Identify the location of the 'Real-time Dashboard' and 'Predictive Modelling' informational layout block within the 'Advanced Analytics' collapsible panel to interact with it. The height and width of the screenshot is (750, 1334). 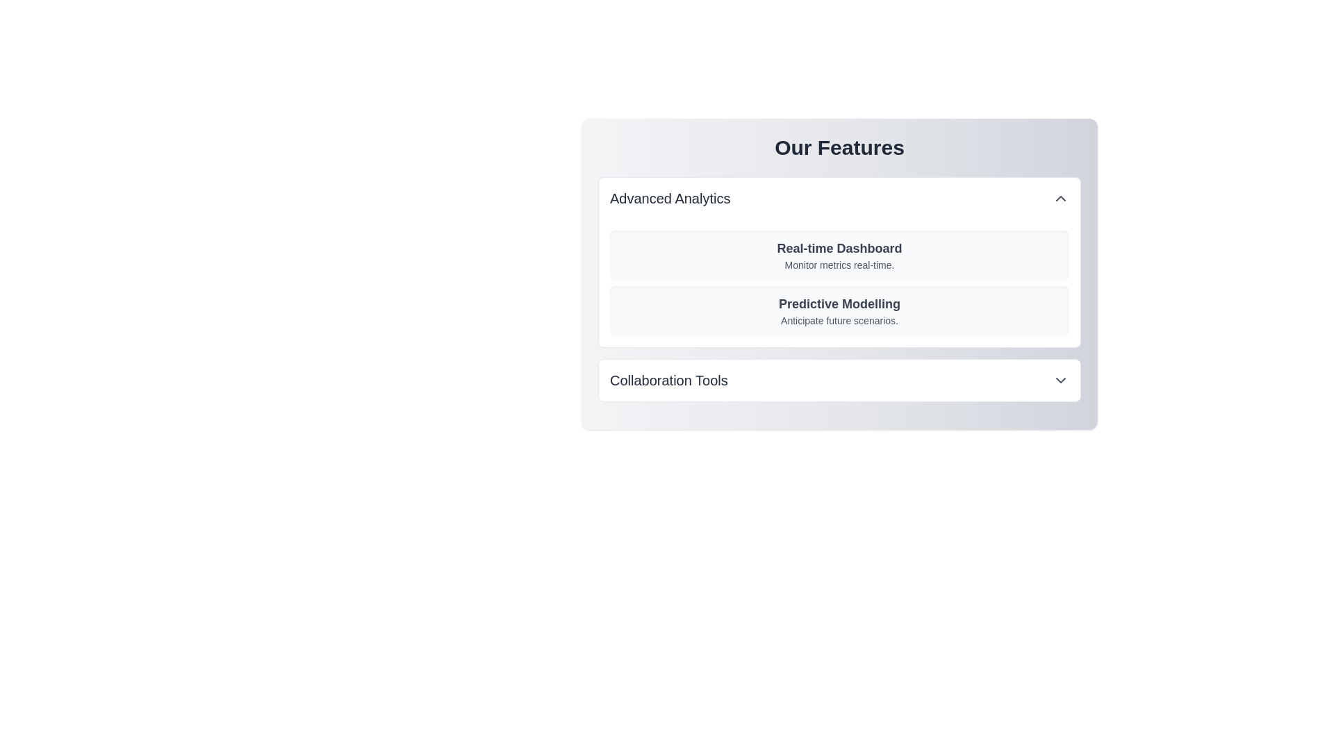
(839, 283).